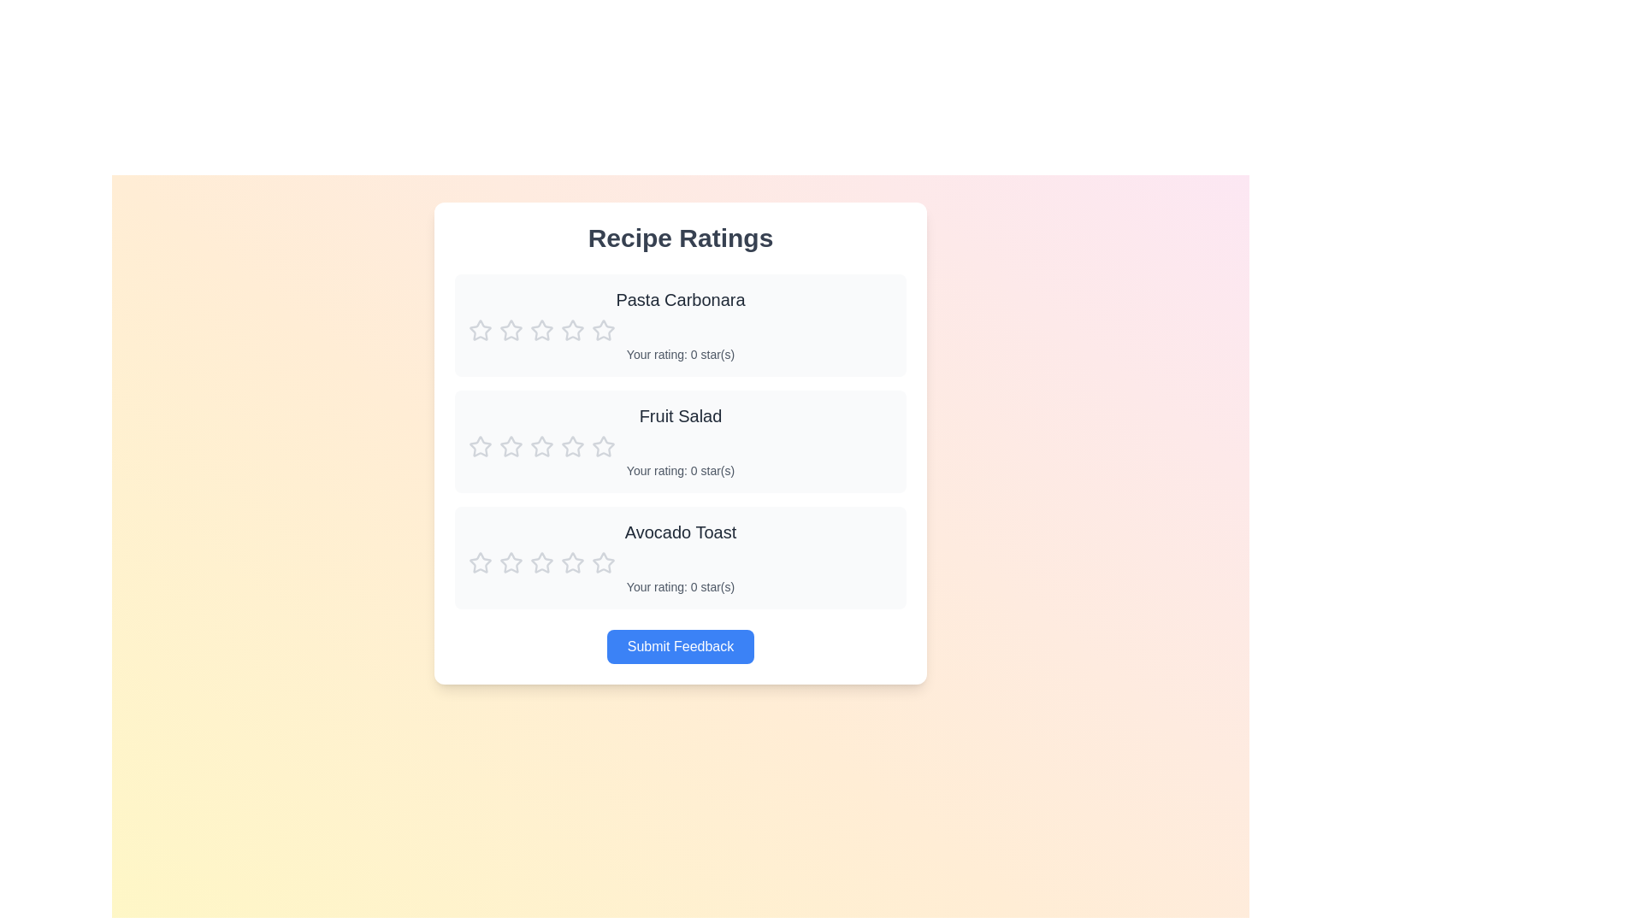 The image size is (1642, 923). Describe the element at coordinates (680, 446) in the screenshot. I see `over the stars in the 'Fruit Salad' rating widget` at that location.